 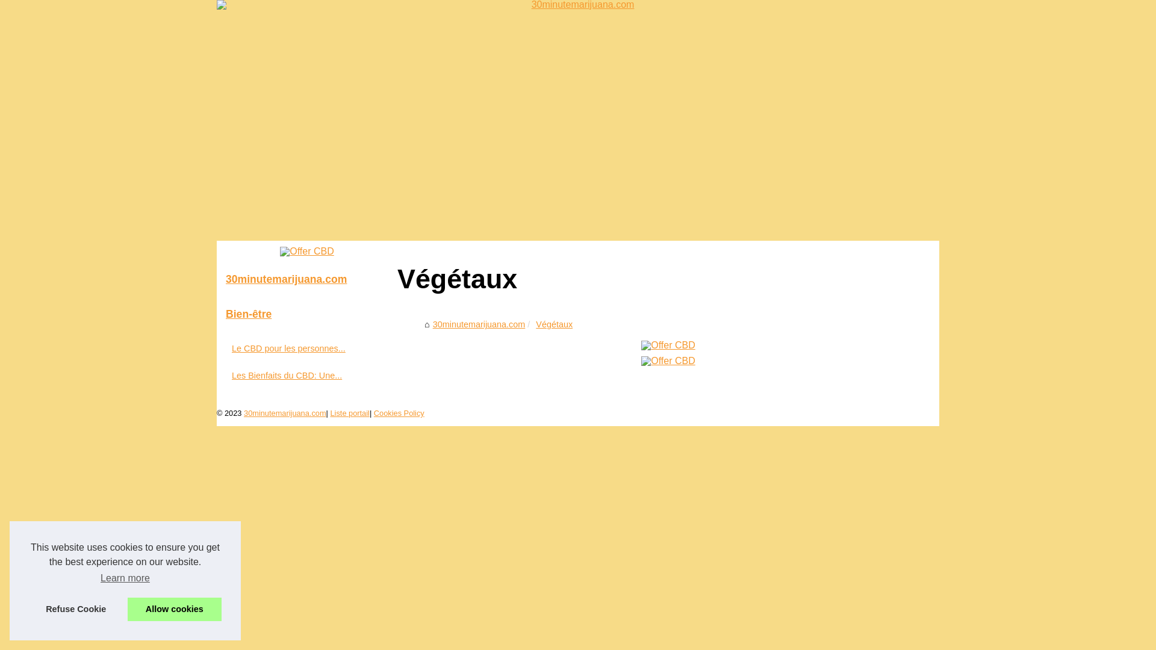 I want to click on 'Les Bienfaits du CBD: Une...', so click(x=228, y=375).